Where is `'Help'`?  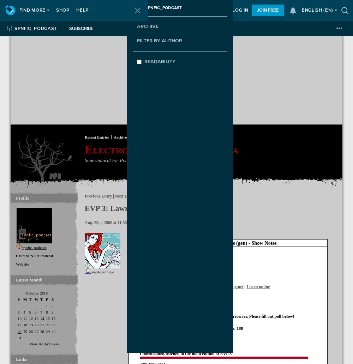
'Help' is located at coordinates (82, 10).